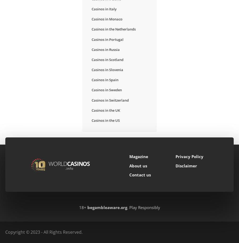  Describe the element at coordinates (91, 110) in the screenshot. I see `'Casinos in the UK'` at that location.